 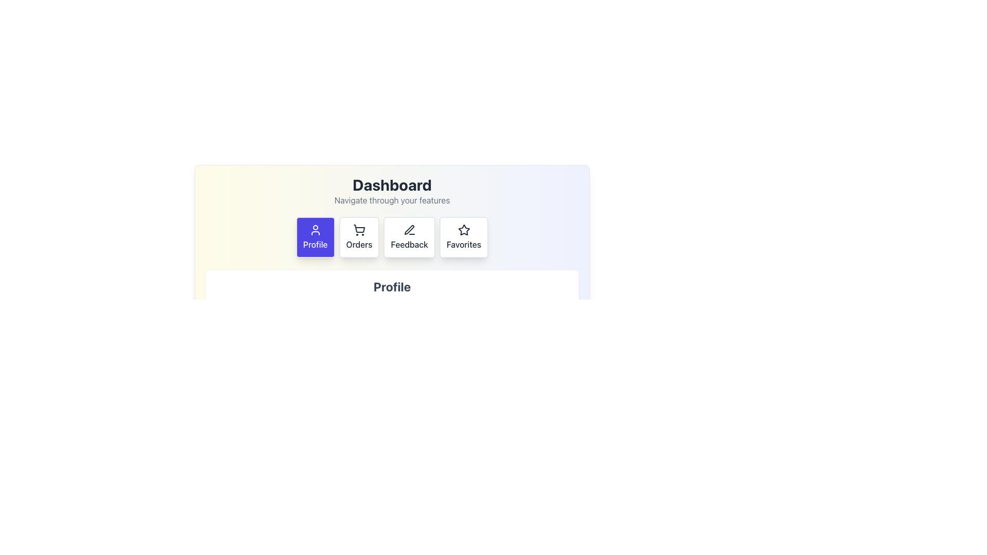 What do you see at coordinates (315, 244) in the screenshot?
I see `the text label containing the word 'Profile' which is styled with a sans-serif font, white text color, and is located within a blue rectangular background with rounded corners, positioned at the bottom center of the button labeled 'Profile'` at bounding box center [315, 244].